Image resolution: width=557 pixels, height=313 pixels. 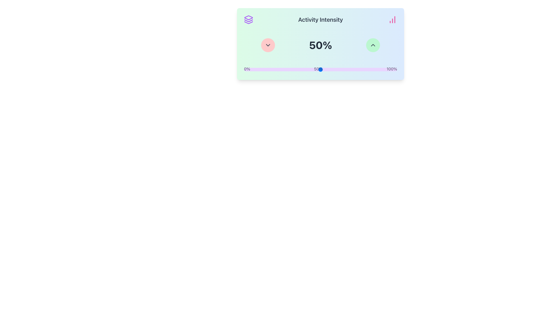 I want to click on the upward chevron arrow icon within the green circular background located in the top-right portion of the 'Activity Intensity' card, so click(x=373, y=45).